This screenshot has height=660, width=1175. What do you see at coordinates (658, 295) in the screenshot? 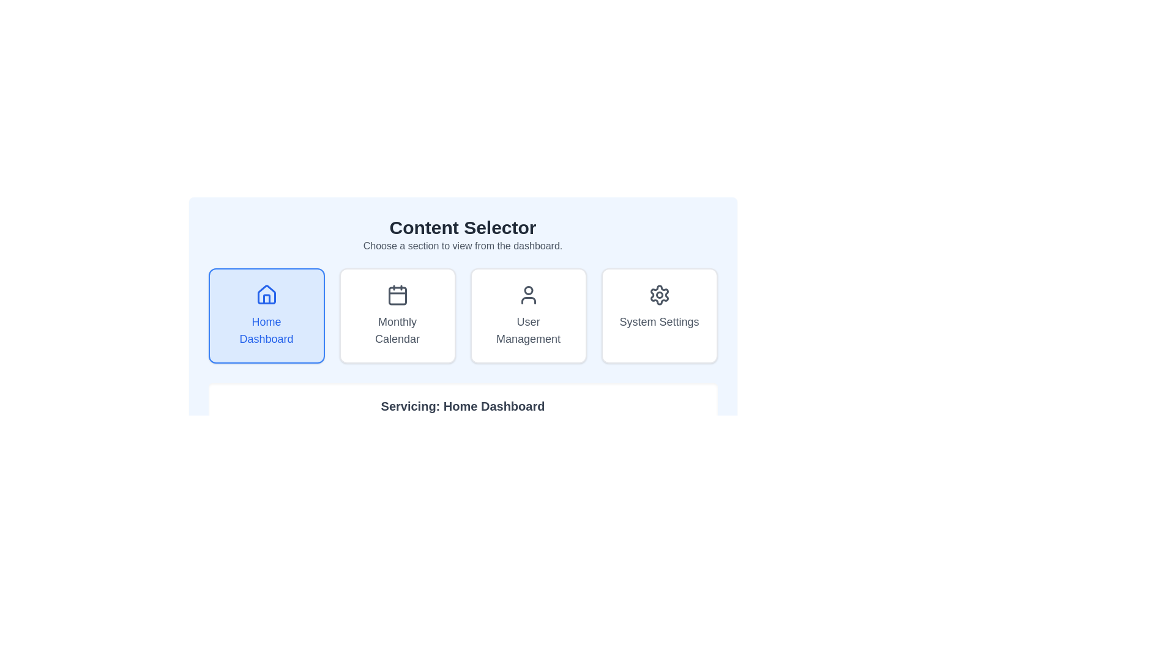
I see `the 'System Settings' icon, located at the top-center of the button layout, which is the fourth selectable button` at bounding box center [658, 295].